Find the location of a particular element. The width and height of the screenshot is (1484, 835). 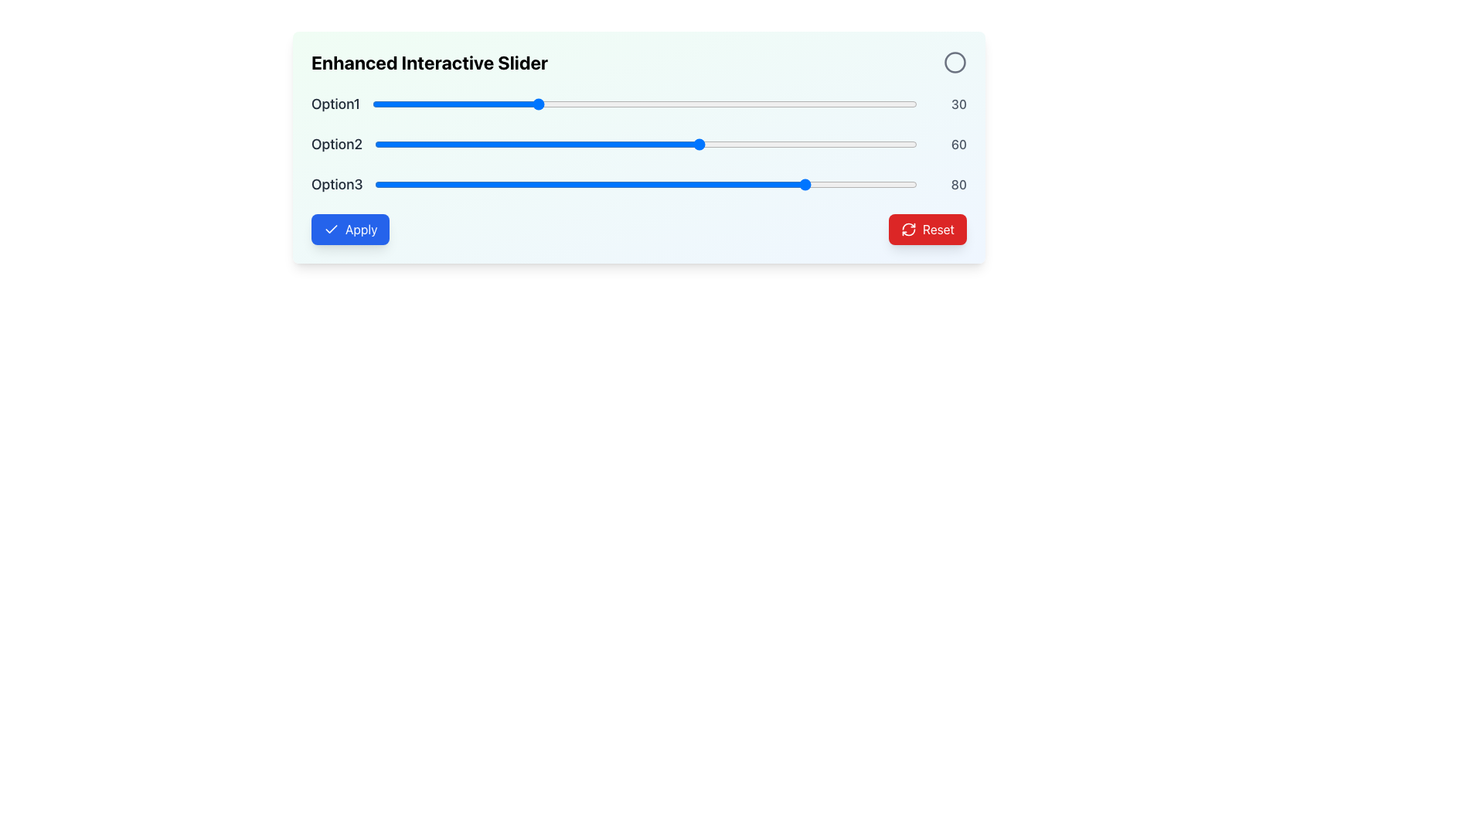

the slider is located at coordinates (505, 184).